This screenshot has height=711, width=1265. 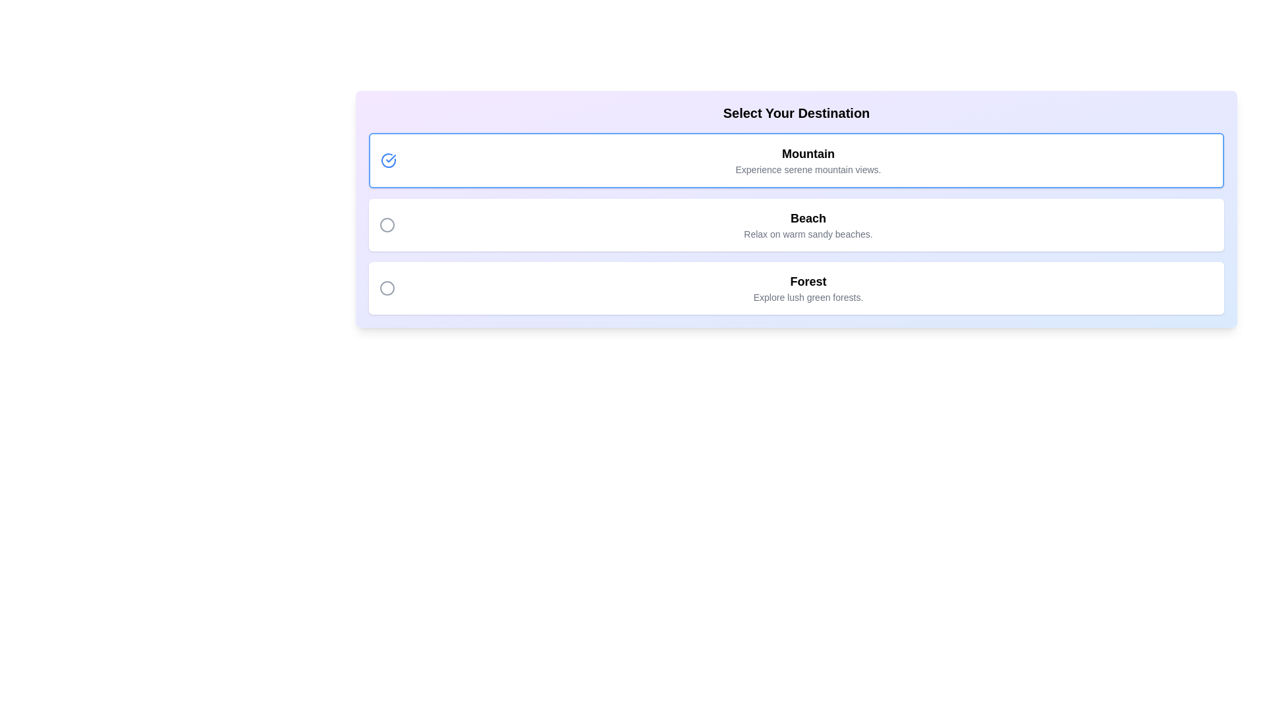 What do you see at coordinates (796, 288) in the screenshot?
I see `the 'Forest' Option card` at bounding box center [796, 288].